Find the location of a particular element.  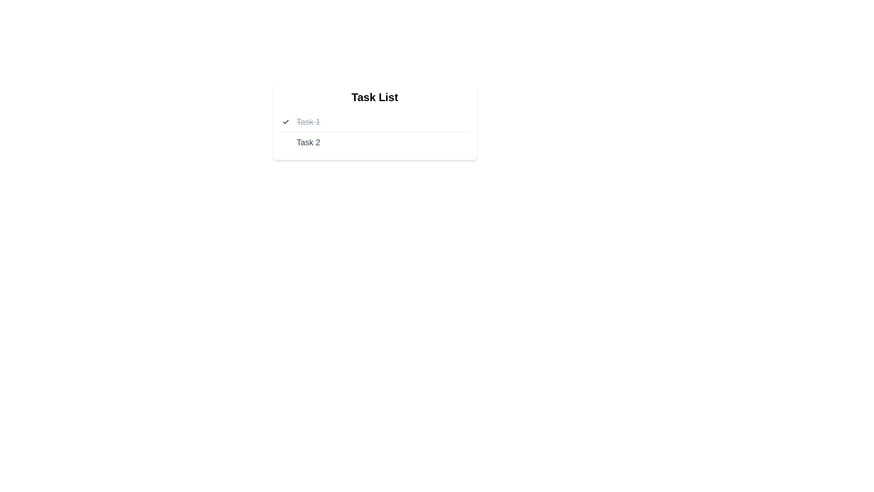

the checkbox icon indicating the completion status of 'Task 1' is located at coordinates (285, 121).